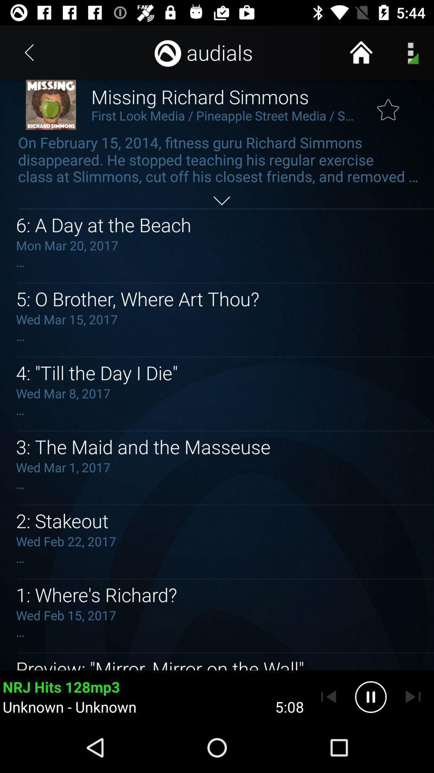  What do you see at coordinates (388, 104) in the screenshot?
I see `to favorites` at bounding box center [388, 104].